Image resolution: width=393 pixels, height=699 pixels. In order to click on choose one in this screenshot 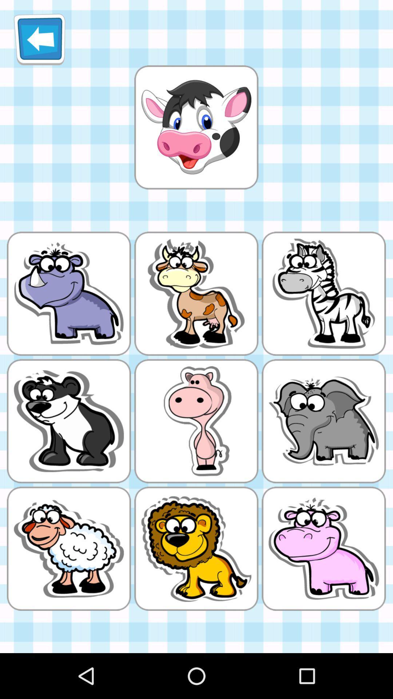, I will do `click(196, 127)`.